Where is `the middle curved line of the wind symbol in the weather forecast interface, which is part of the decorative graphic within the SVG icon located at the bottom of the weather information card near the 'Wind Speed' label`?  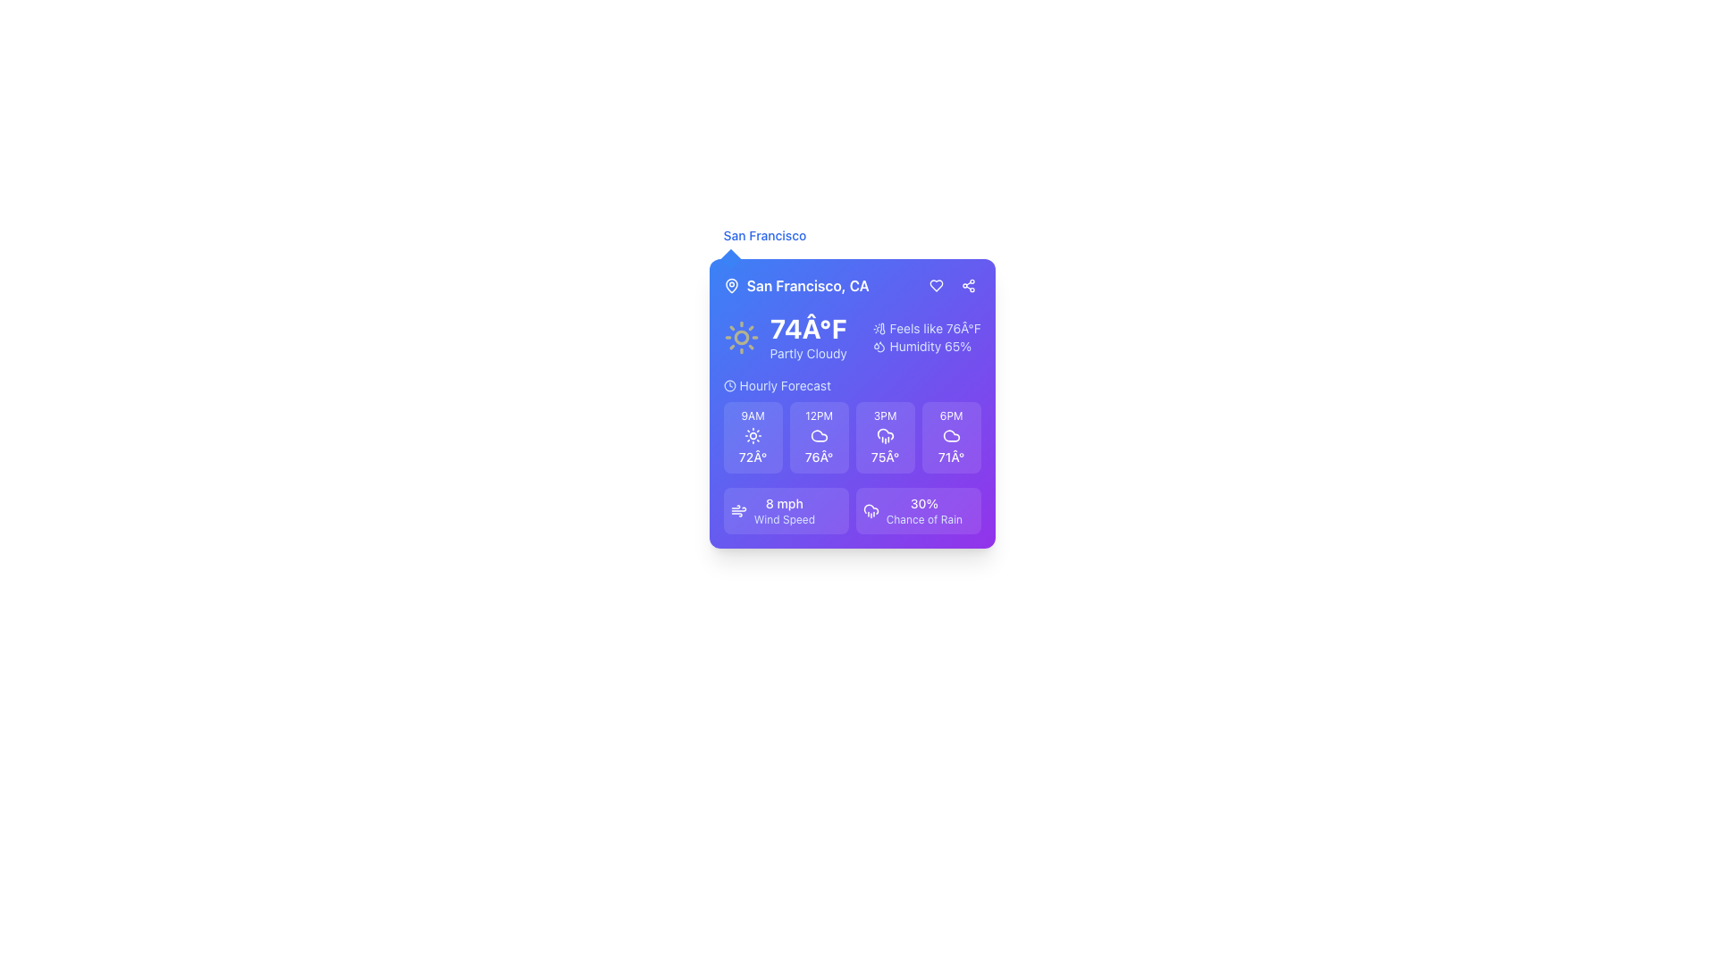
the middle curved line of the wind symbol in the weather forecast interface, which is part of the decorative graphic within the SVG icon located at the bottom of the weather information card near the 'Wind Speed' label is located at coordinates (738, 509).